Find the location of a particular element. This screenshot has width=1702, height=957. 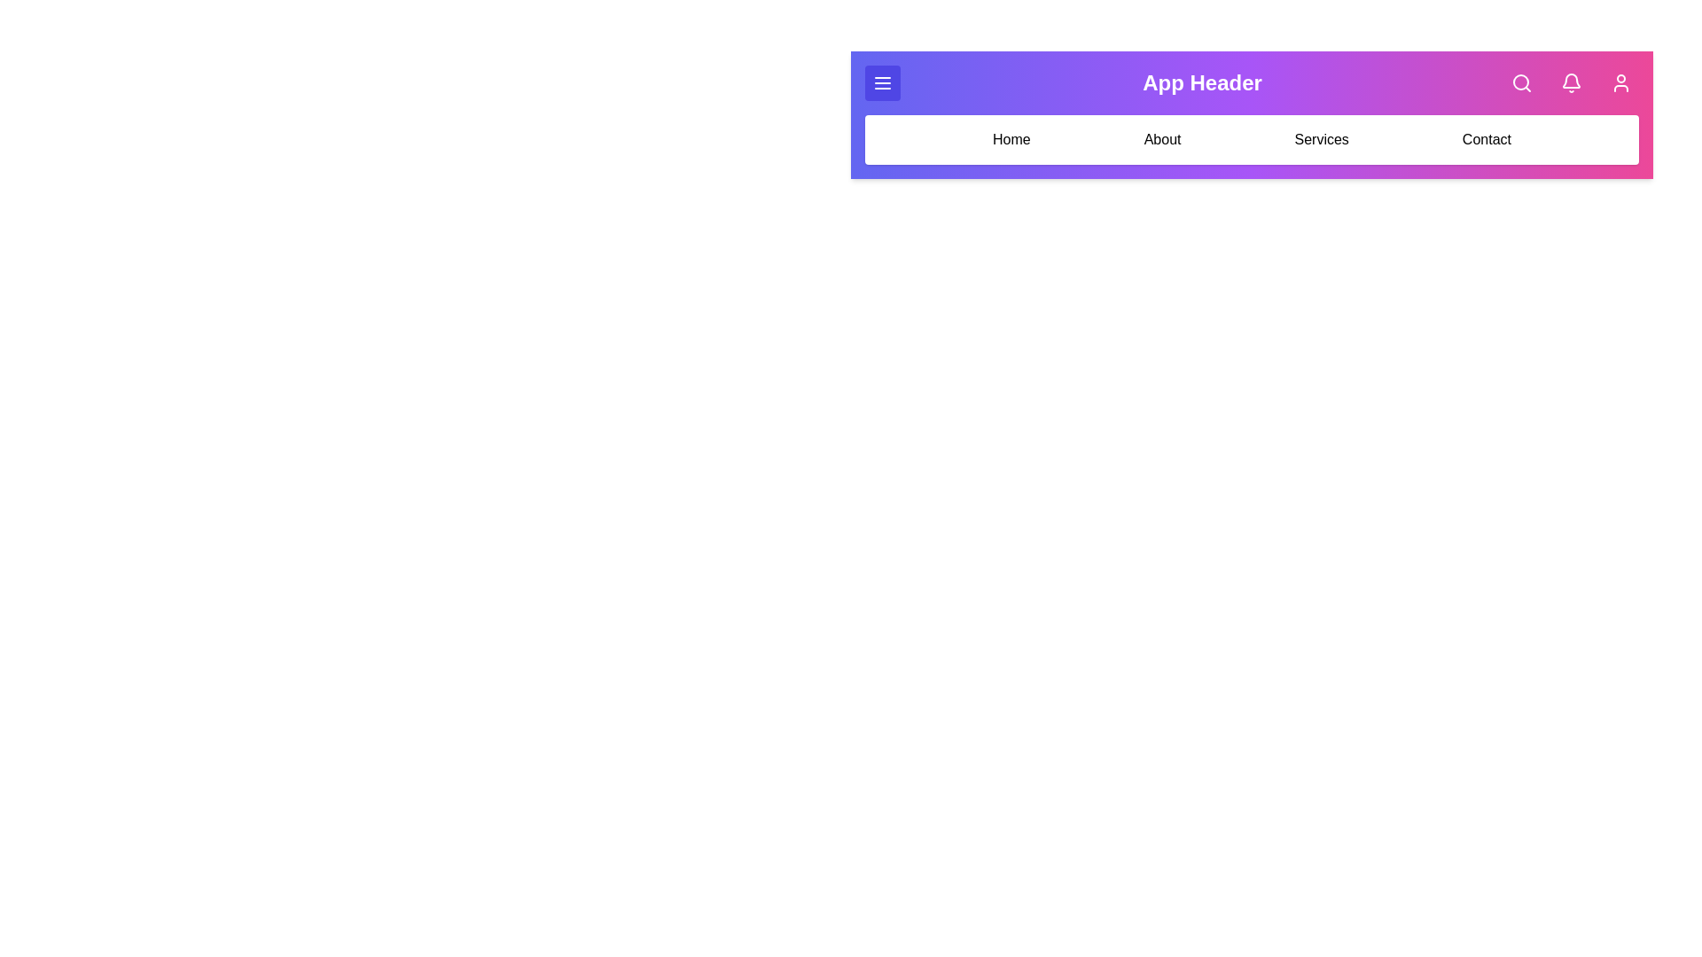

the menu option Home from the navigation bar is located at coordinates (1011, 139).